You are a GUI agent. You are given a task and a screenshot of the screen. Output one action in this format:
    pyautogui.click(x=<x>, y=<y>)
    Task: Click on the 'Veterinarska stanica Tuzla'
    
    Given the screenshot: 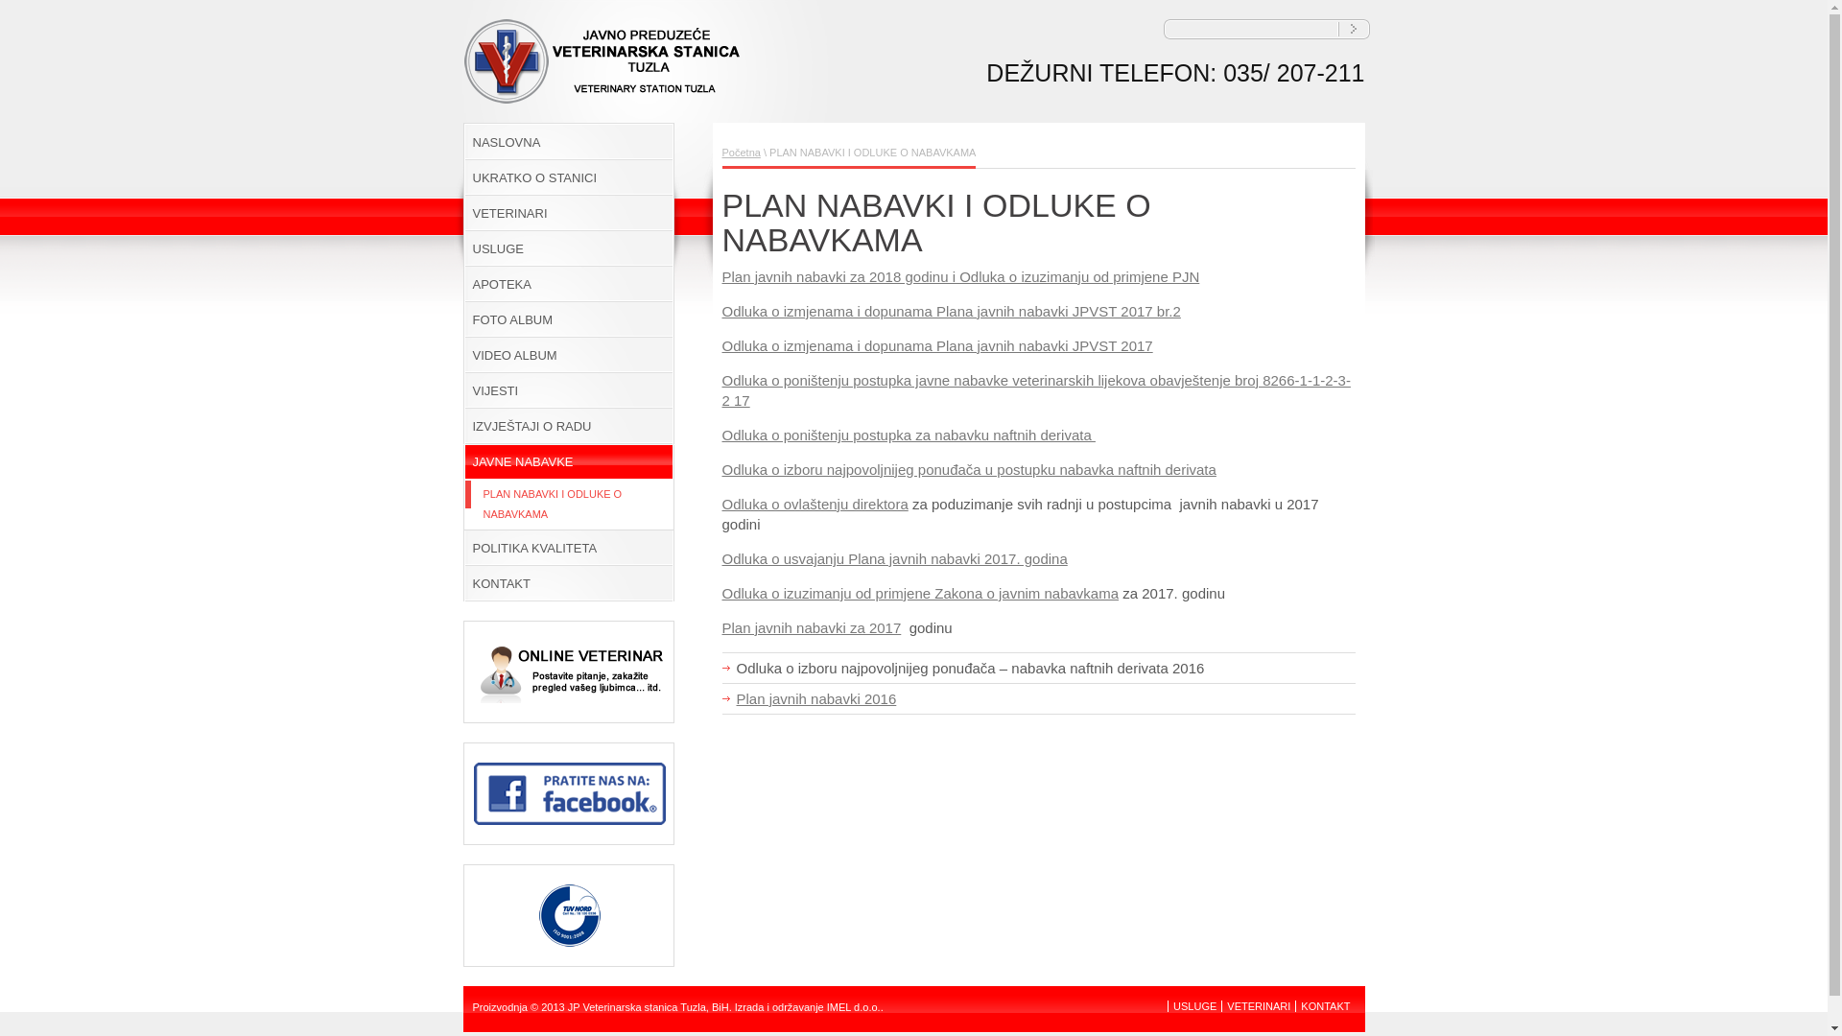 What is the action you would take?
    pyautogui.click(x=461, y=98)
    